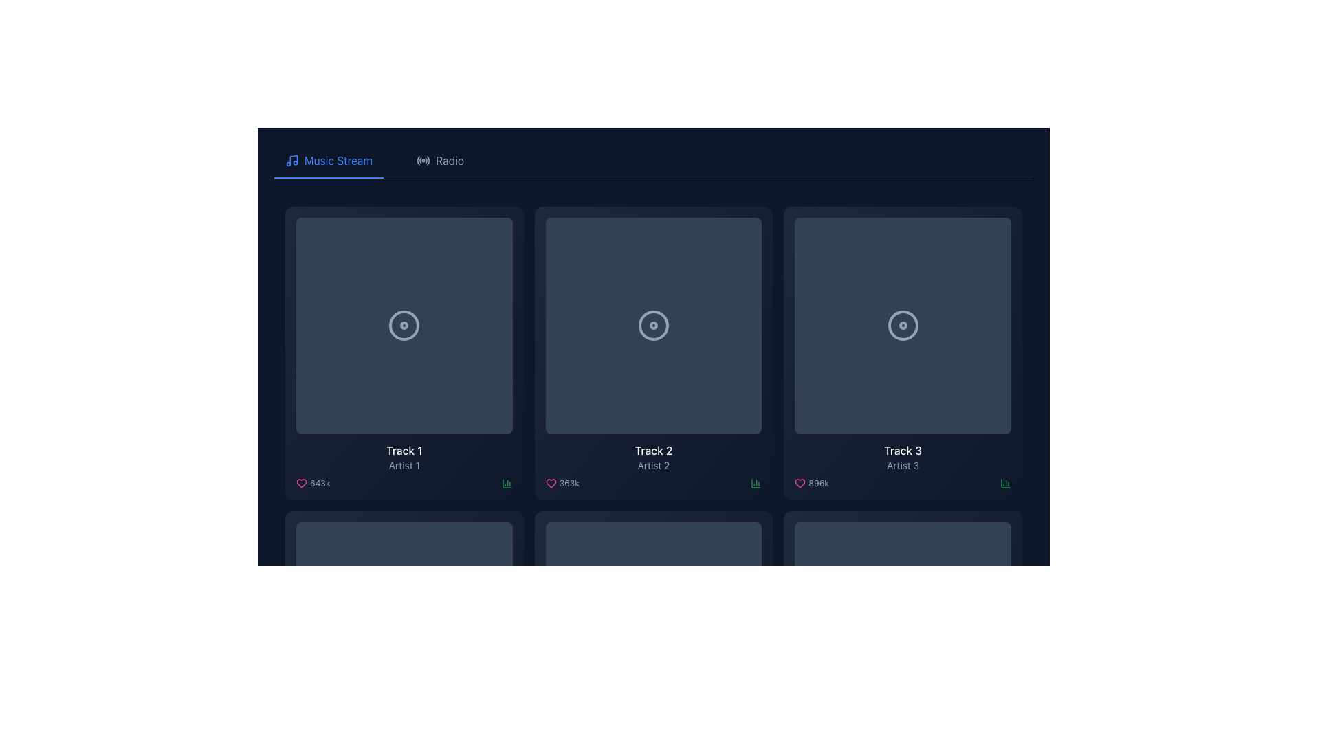 The height and width of the screenshot is (742, 1320). What do you see at coordinates (300, 482) in the screenshot?
I see `the pink heart icon button located at the bottom left of the first track card to like the track` at bounding box center [300, 482].